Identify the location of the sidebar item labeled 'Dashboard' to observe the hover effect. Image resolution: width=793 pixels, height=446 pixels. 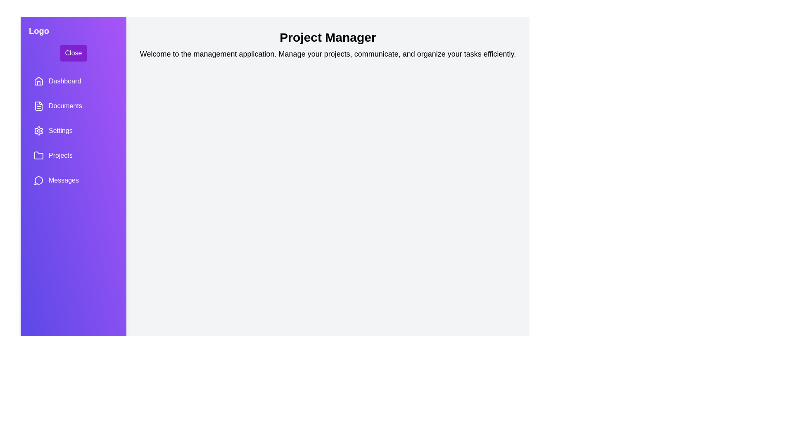
(73, 81).